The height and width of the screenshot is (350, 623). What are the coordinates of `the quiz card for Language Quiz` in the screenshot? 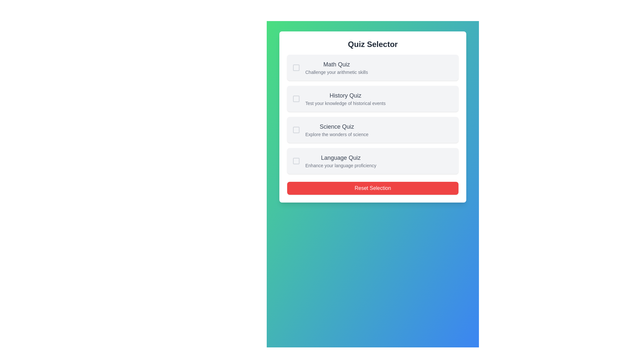 It's located at (373, 161).